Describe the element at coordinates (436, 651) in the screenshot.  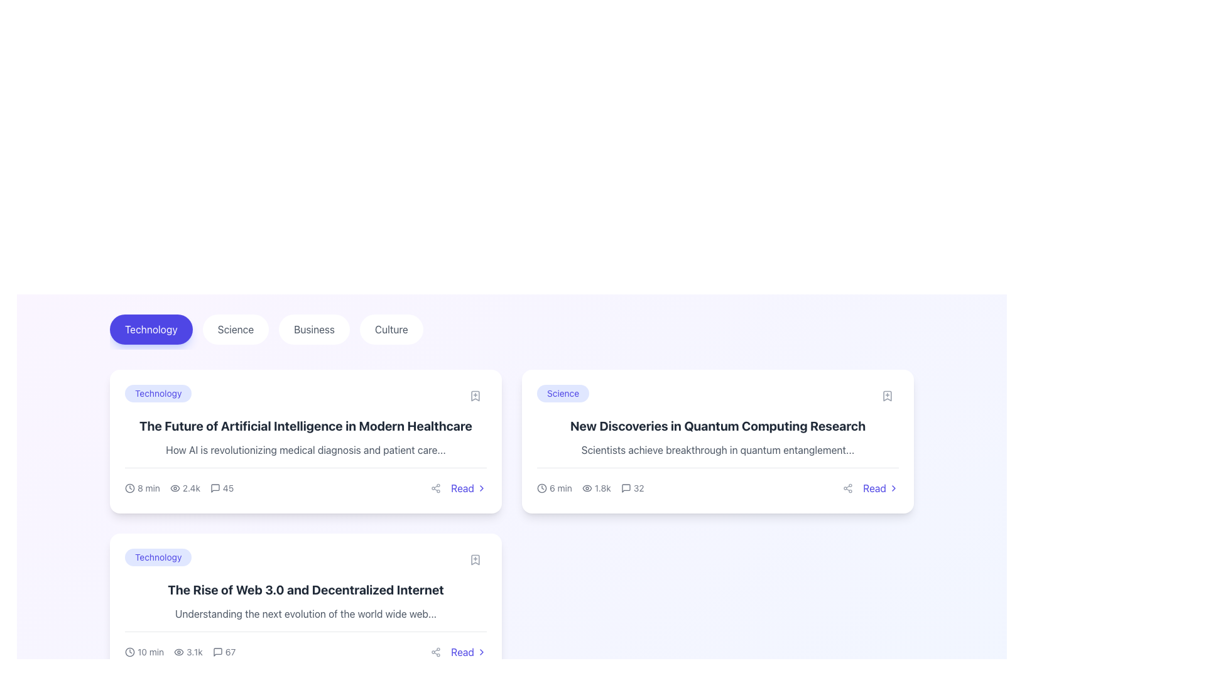
I see `the sharing button located in the lower right corner of the second card in the grid layout` at that location.